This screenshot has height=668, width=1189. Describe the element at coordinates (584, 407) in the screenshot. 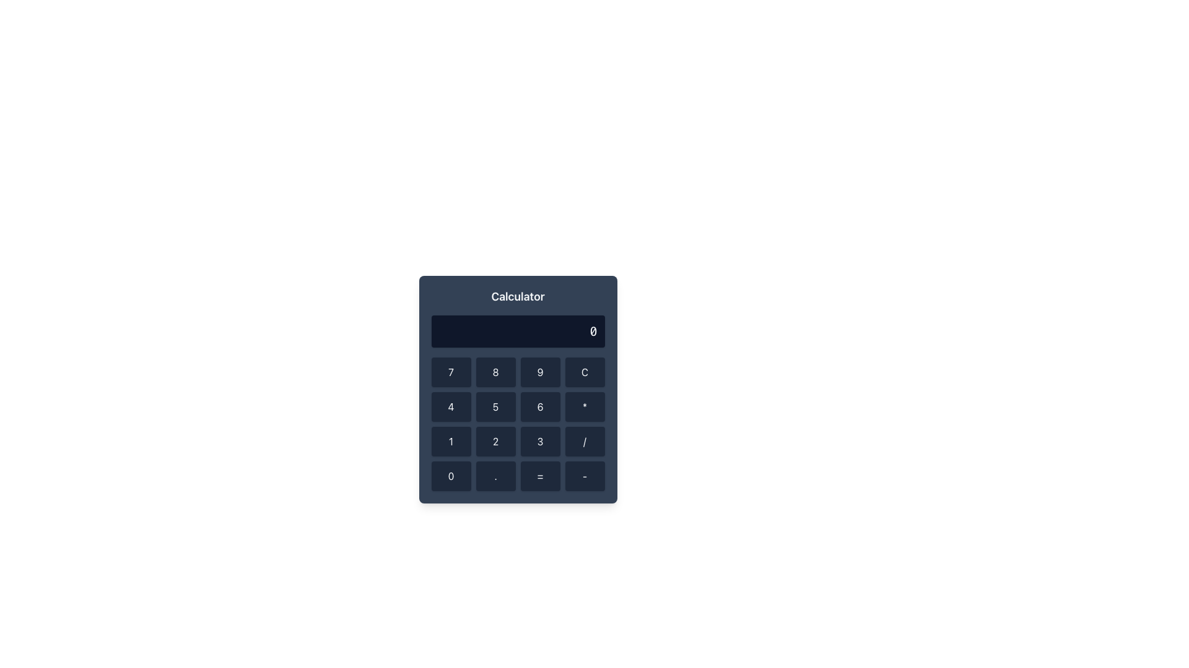

I see `the square-shaped button with an asterisk '*' on a dark slate background, located in the second row and fourth column of the calculator keypad to input the '*' operator` at that location.